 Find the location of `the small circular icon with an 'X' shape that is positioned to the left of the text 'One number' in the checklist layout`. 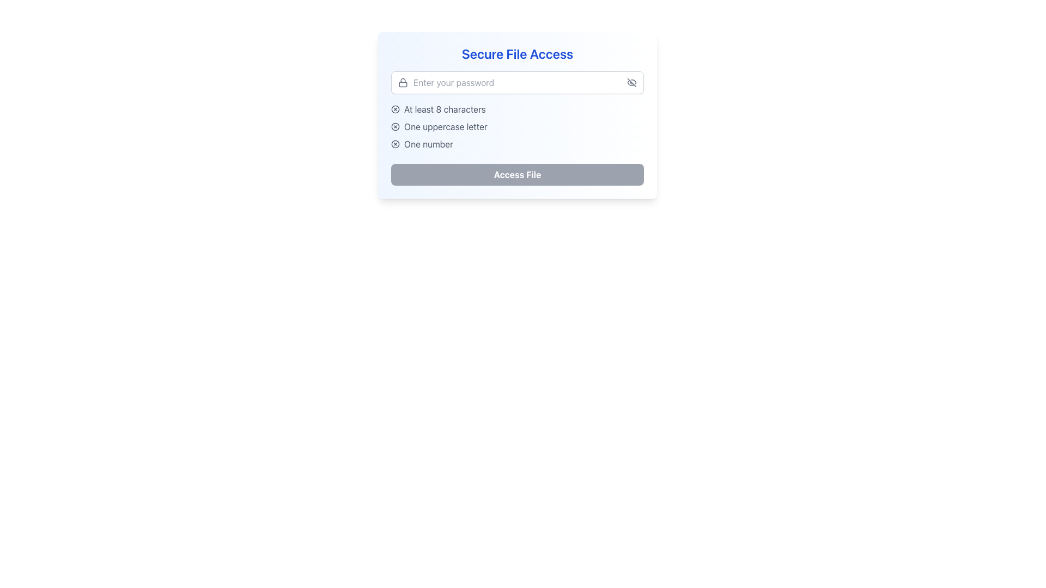

the small circular icon with an 'X' shape that is positioned to the left of the text 'One number' in the checklist layout is located at coordinates (394, 144).